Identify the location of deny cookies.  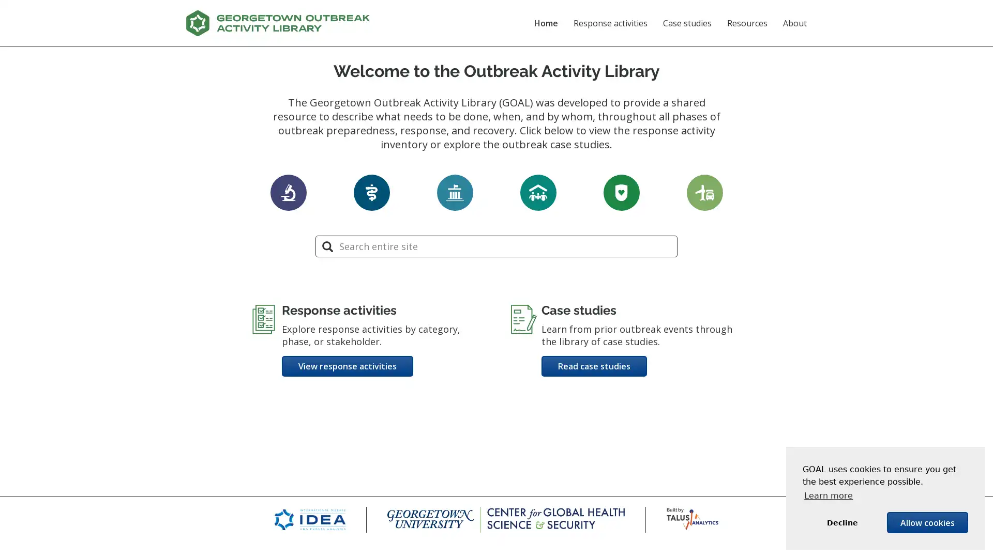
(842, 522).